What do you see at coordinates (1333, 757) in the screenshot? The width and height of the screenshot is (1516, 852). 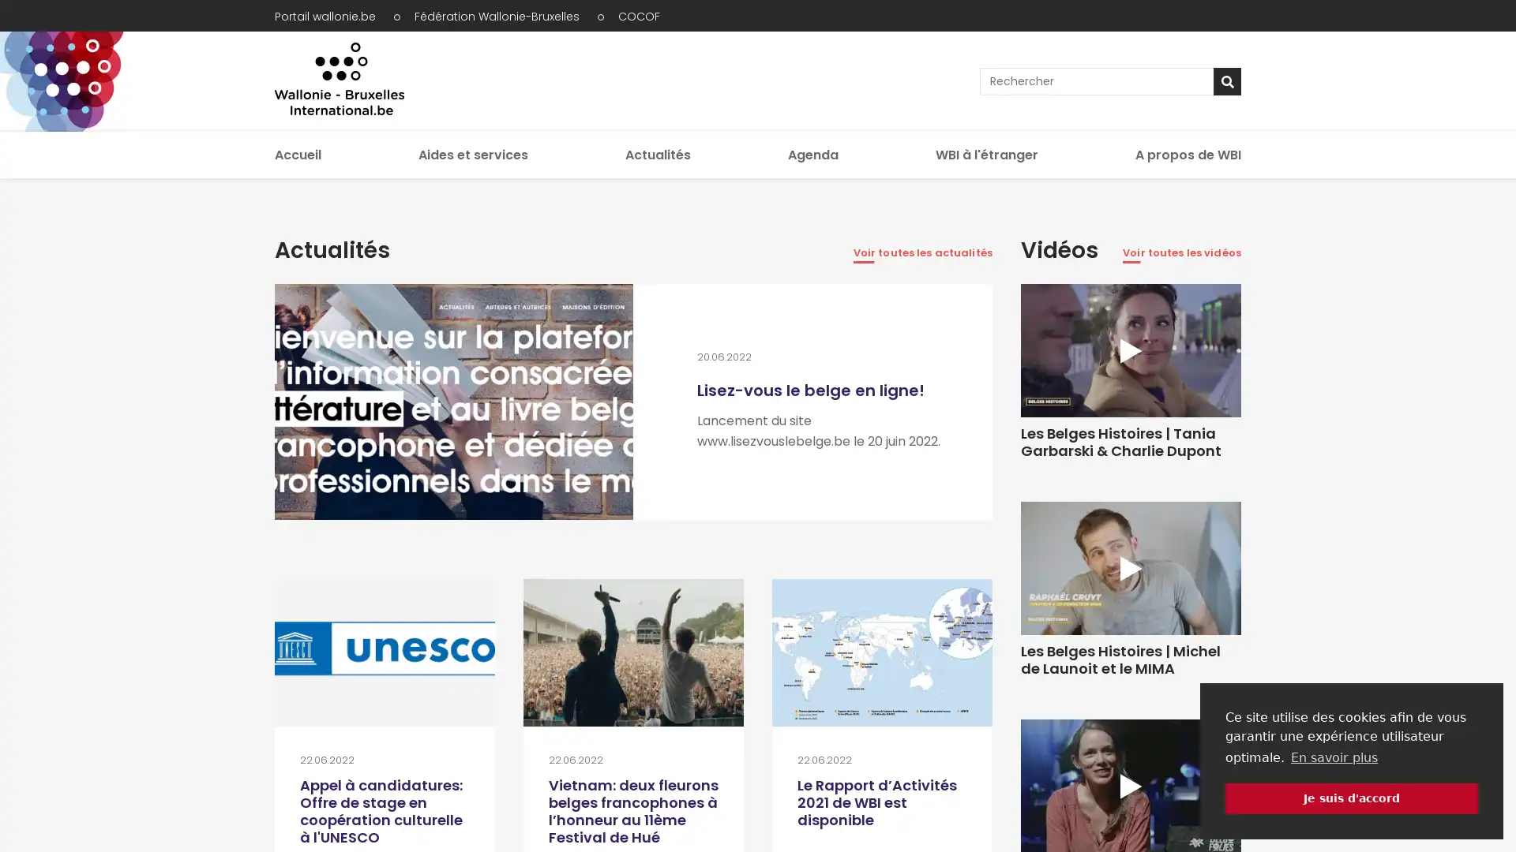 I see `learn more about cookies` at bounding box center [1333, 757].